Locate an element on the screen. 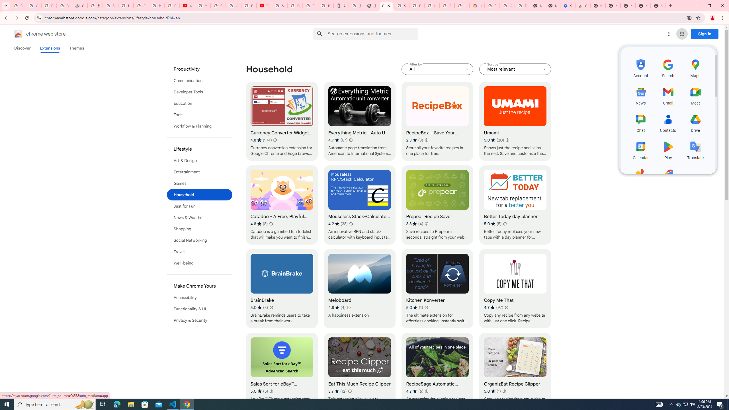  'Accessibility' is located at coordinates (200, 298).